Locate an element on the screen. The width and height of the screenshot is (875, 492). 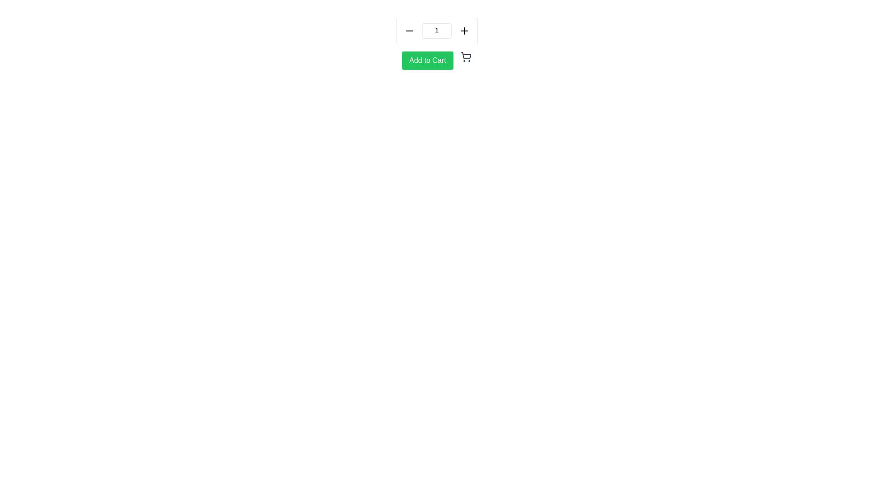
the minus sign button located on the left side of the quantity selector is located at coordinates (409, 31).